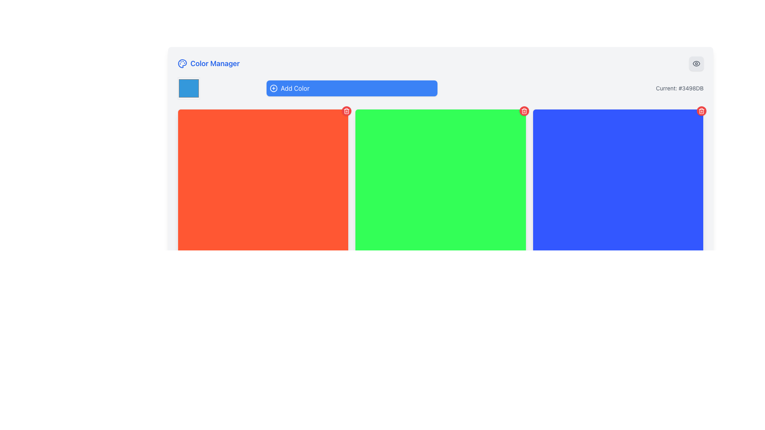 The height and width of the screenshot is (430, 765). Describe the element at coordinates (188, 88) in the screenshot. I see `the color selection button located in the first position of the row` at that location.